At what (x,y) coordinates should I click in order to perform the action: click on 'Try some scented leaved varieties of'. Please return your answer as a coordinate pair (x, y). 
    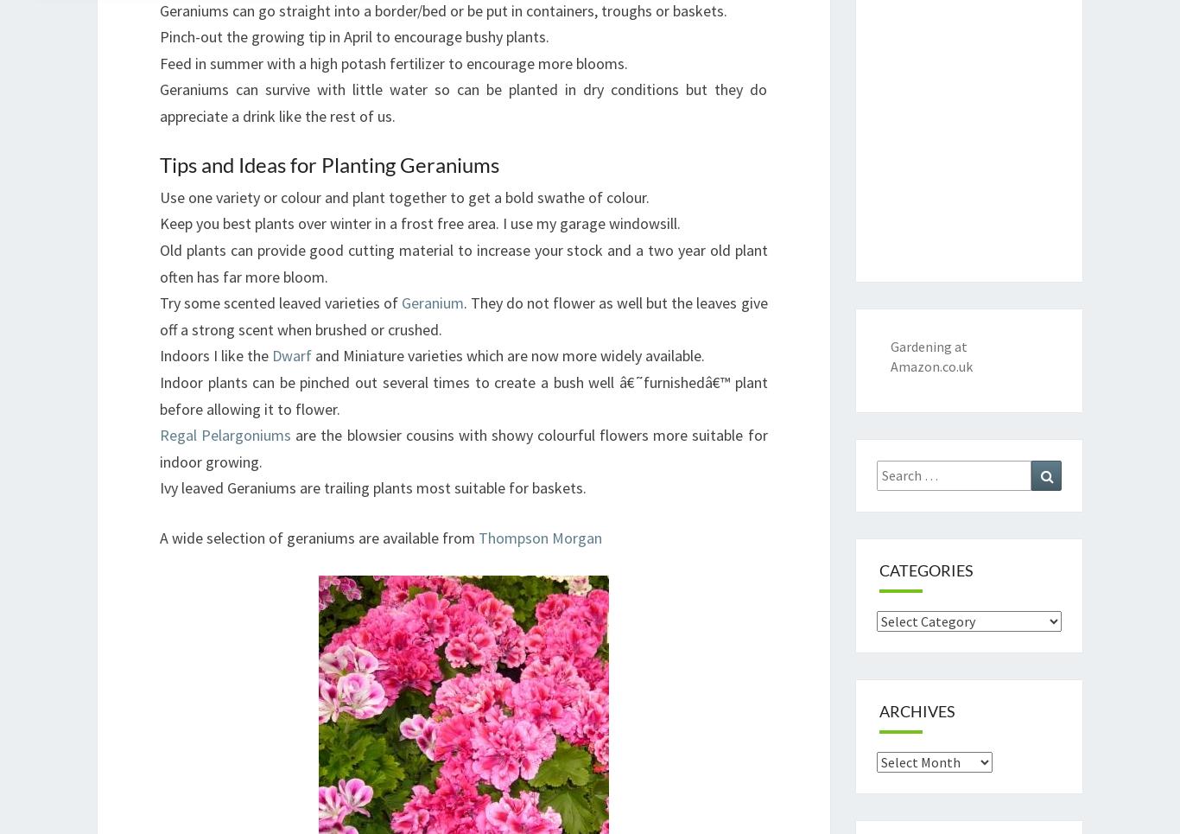
    Looking at the image, I should click on (280, 302).